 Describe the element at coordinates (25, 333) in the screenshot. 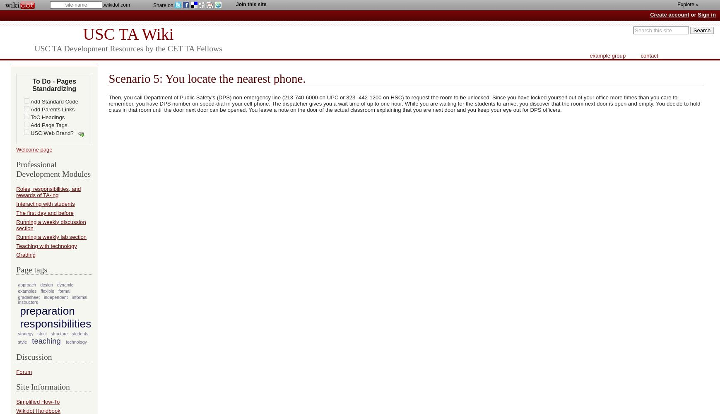

I see `'strategy'` at that location.